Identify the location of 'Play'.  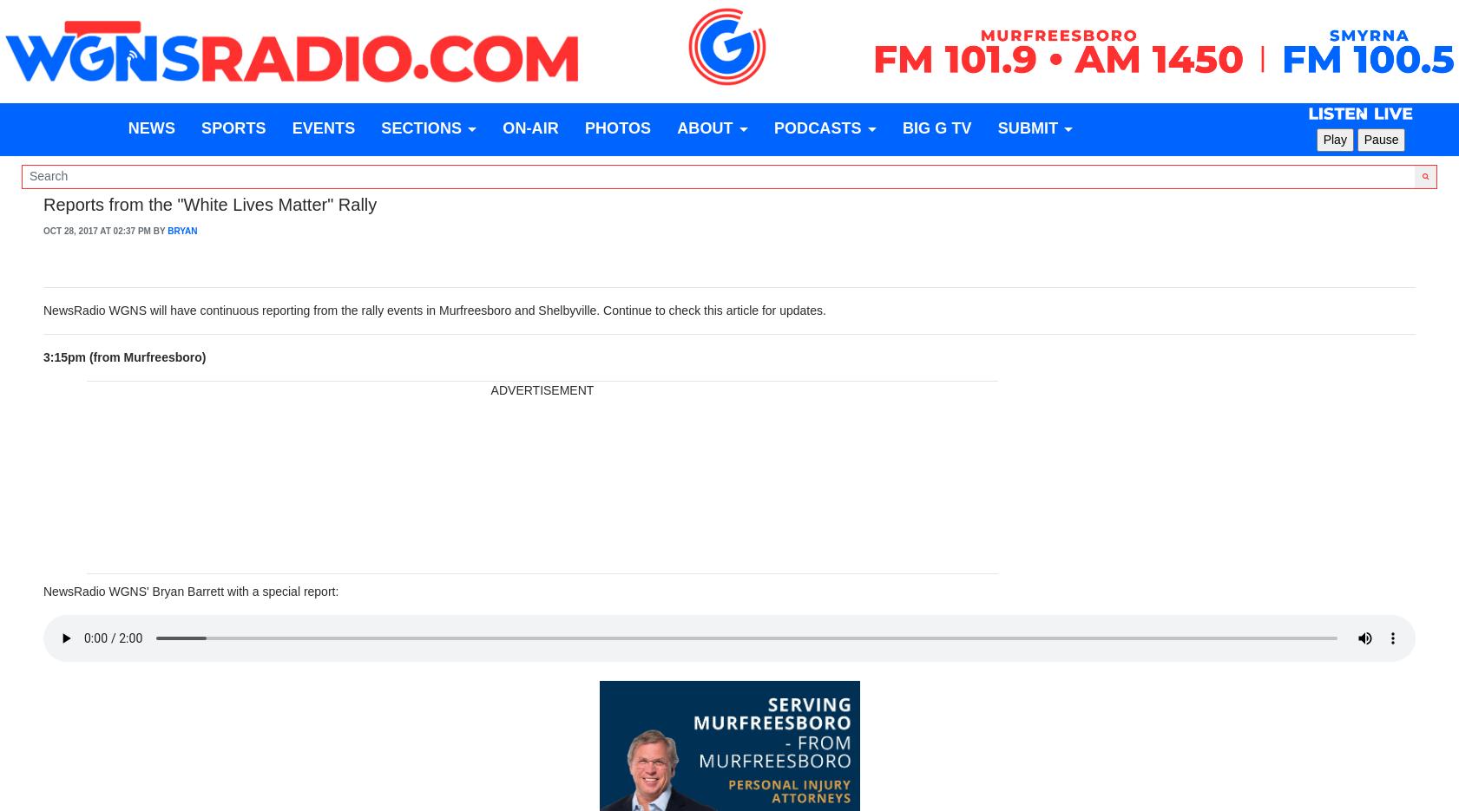
(1334, 140).